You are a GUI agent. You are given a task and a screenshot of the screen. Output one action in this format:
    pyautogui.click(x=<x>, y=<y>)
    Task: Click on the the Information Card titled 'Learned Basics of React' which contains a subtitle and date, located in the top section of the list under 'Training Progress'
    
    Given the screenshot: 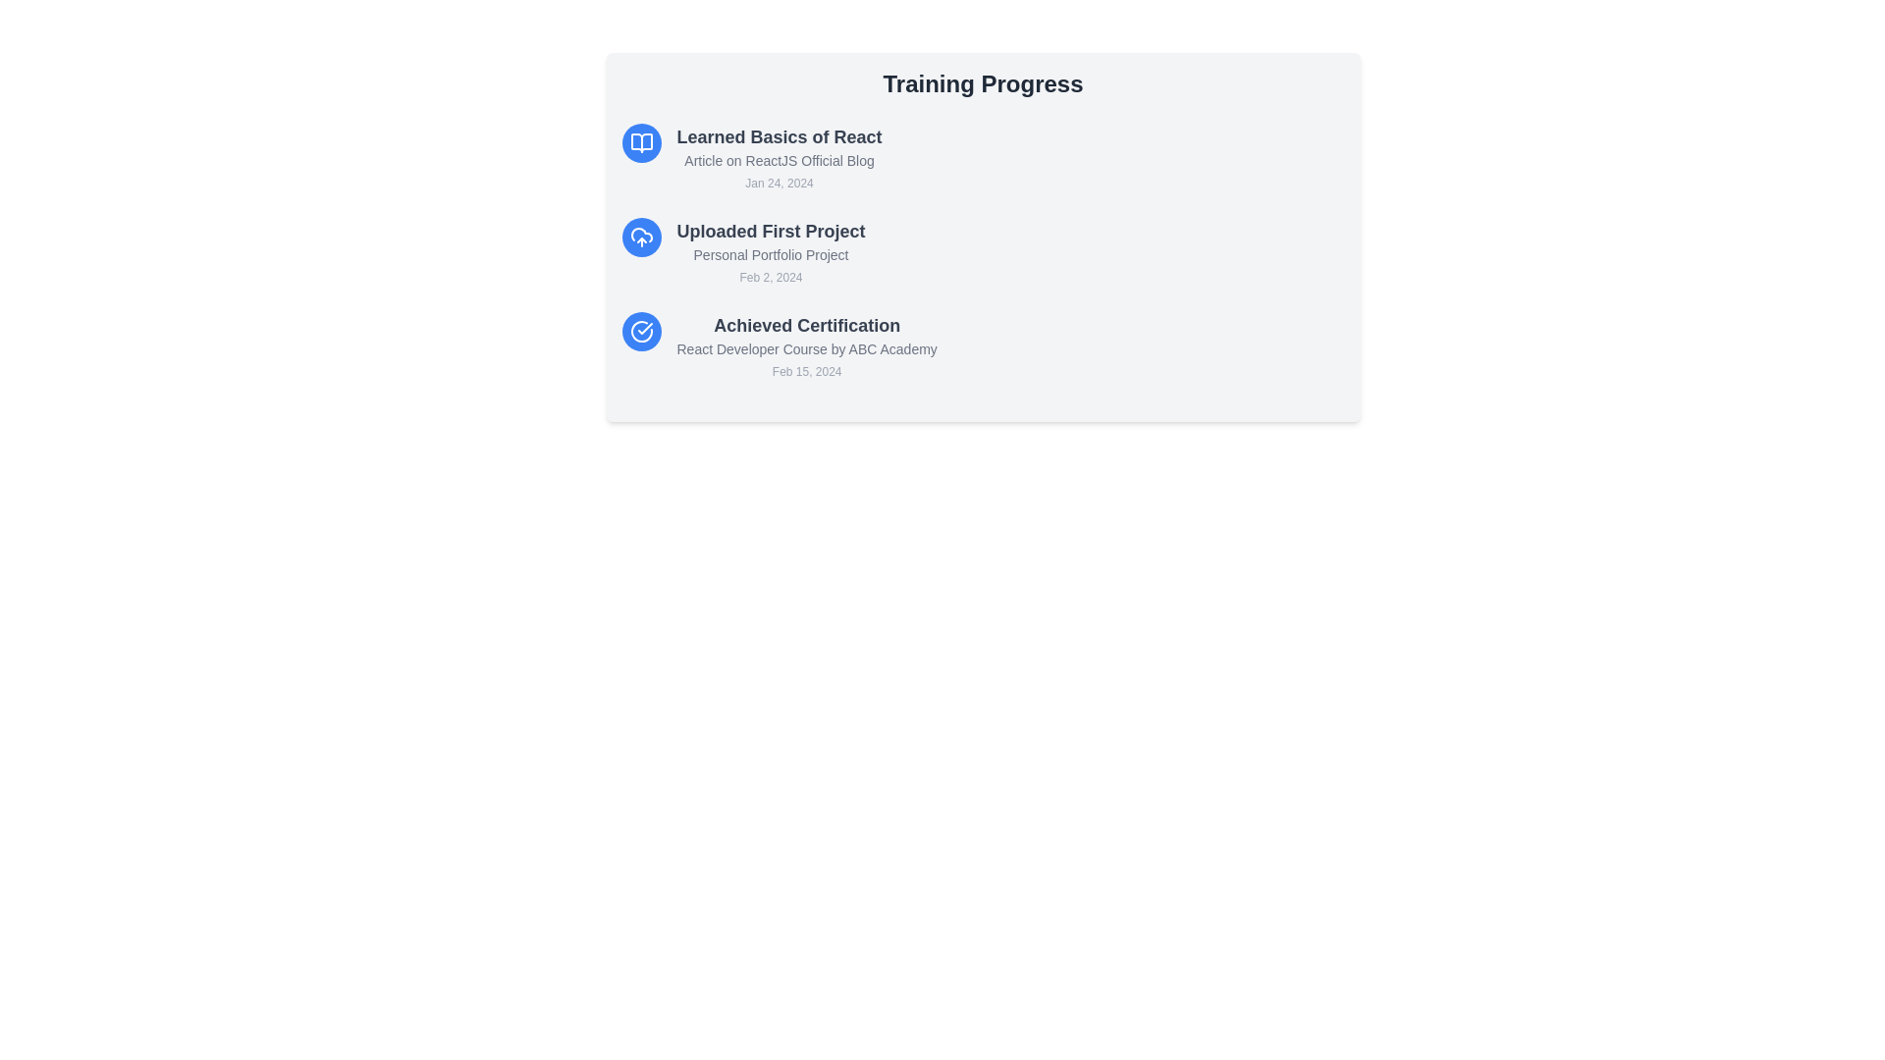 What is the action you would take?
    pyautogui.click(x=983, y=158)
    